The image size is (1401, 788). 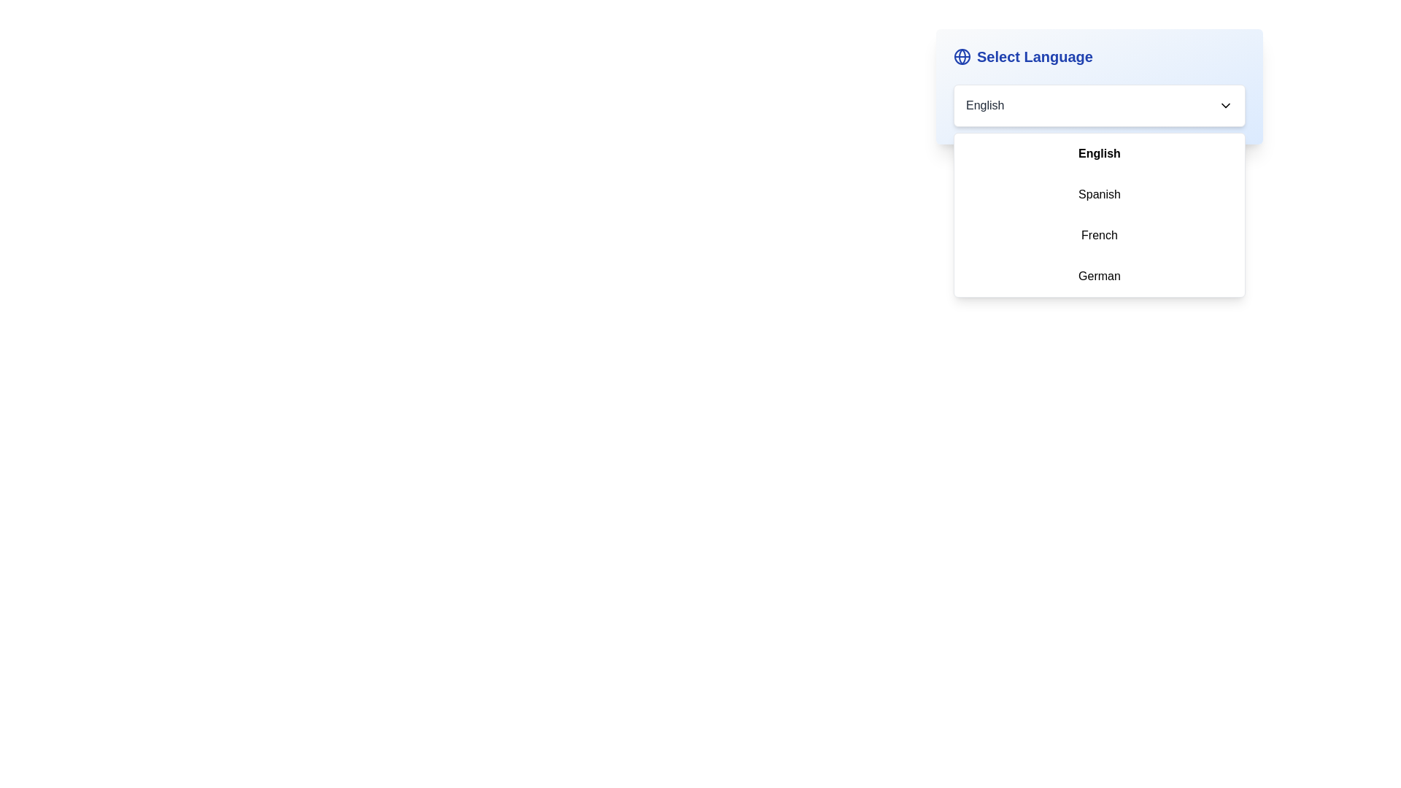 I want to click on the language Spanish from the dropdown, so click(x=1100, y=193).